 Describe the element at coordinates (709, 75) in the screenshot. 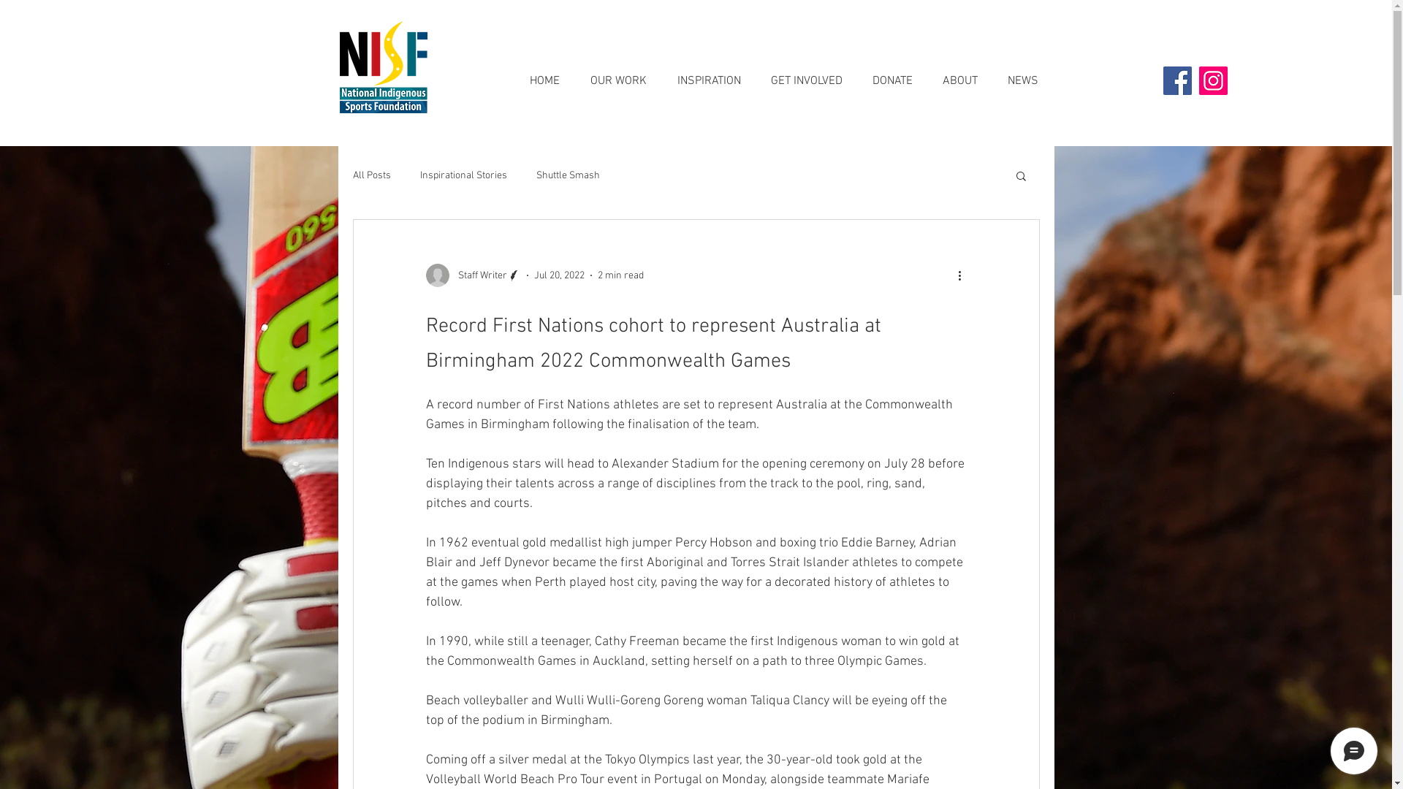

I see `'INSPIRATION'` at that location.